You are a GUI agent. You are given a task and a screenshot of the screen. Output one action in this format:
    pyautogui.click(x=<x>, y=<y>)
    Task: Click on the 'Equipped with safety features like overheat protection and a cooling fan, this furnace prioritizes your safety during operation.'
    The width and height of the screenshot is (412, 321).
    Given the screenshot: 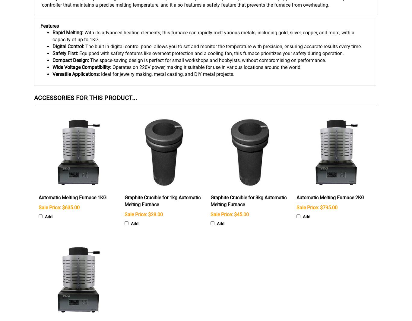 What is the action you would take?
    pyautogui.click(x=211, y=53)
    